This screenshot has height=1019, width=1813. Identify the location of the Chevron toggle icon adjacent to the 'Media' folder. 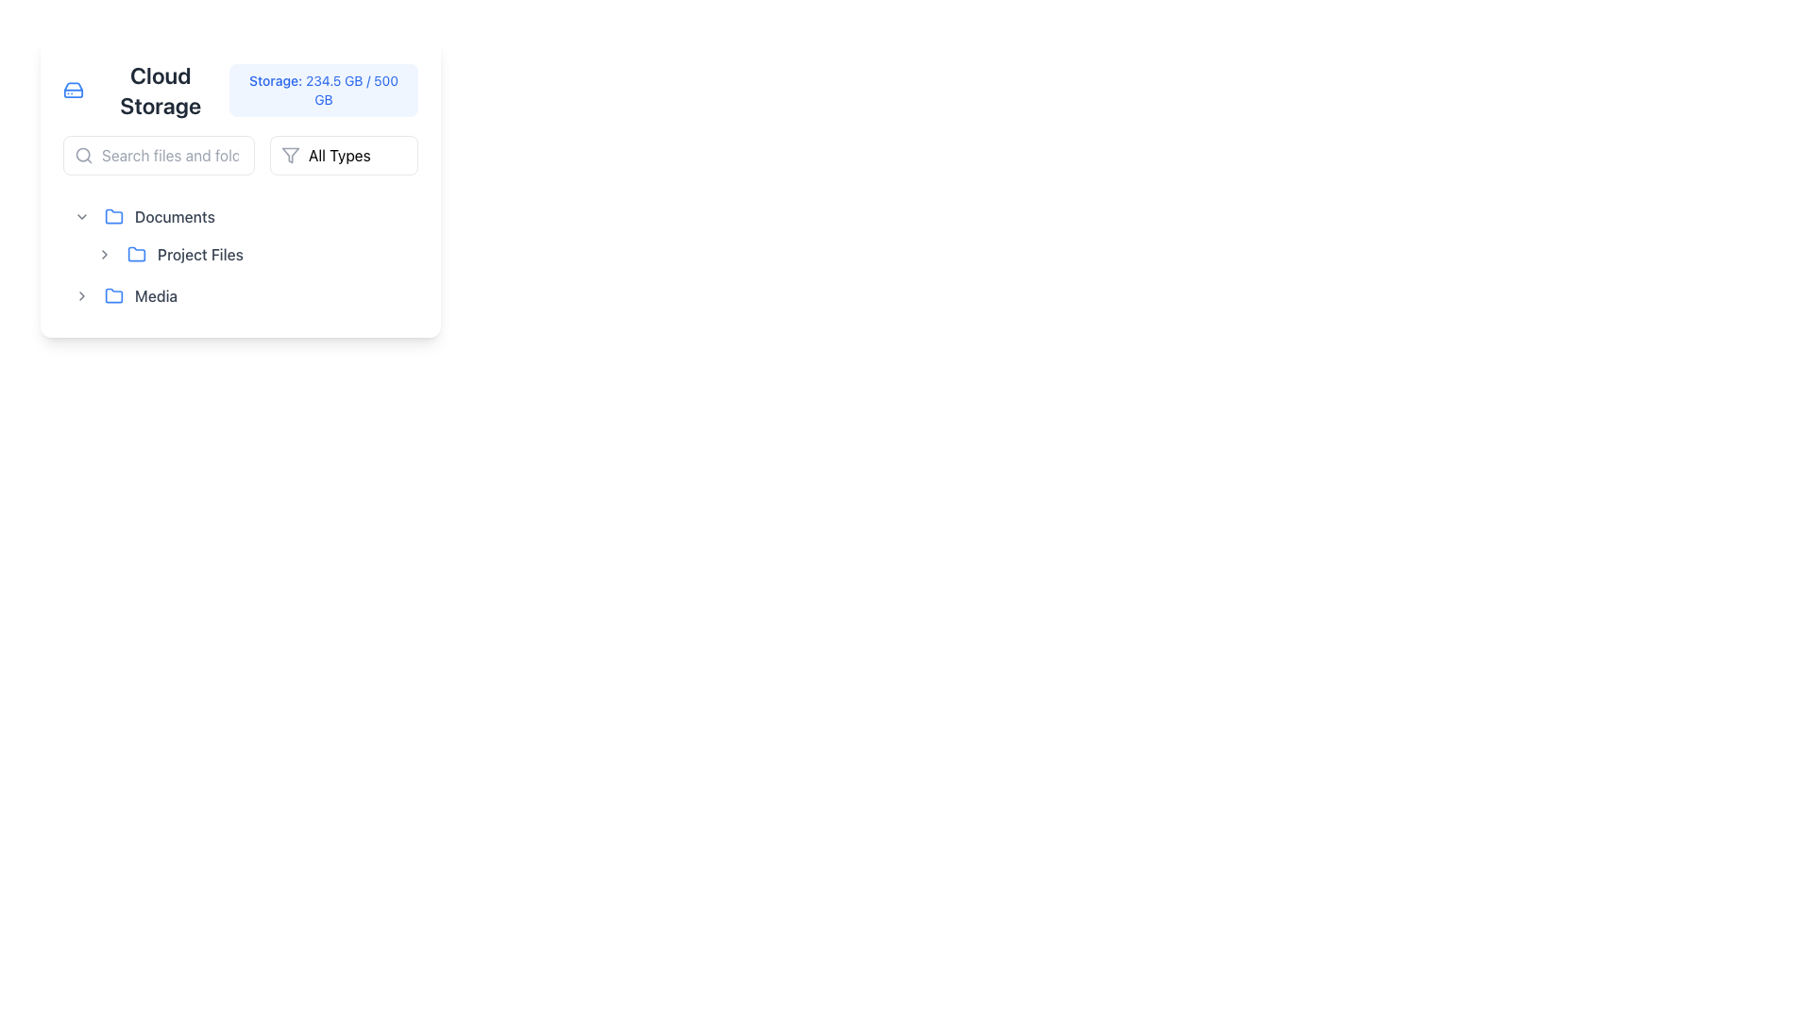
(80, 295).